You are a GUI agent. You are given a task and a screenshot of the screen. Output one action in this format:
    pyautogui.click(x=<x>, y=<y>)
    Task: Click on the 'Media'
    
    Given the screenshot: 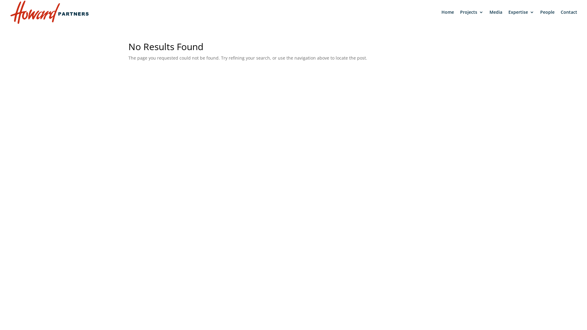 What is the action you would take?
    pyautogui.click(x=496, y=17)
    